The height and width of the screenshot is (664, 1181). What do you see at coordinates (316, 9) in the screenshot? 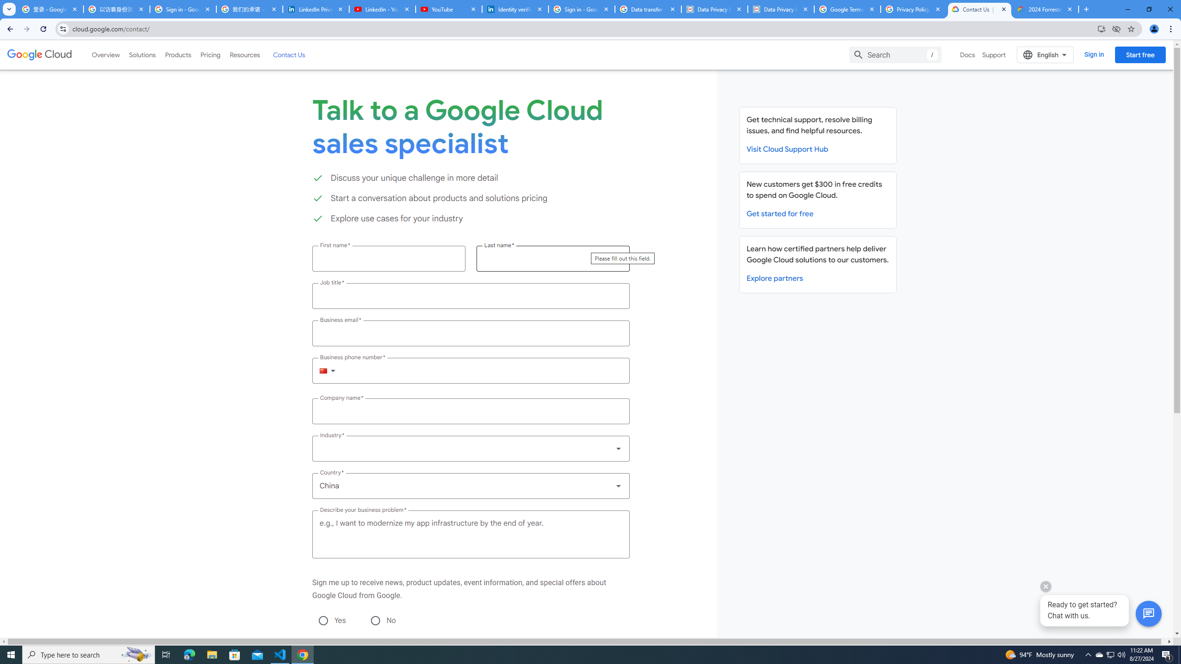
I see `'LinkedIn Privacy Policy'` at bounding box center [316, 9].